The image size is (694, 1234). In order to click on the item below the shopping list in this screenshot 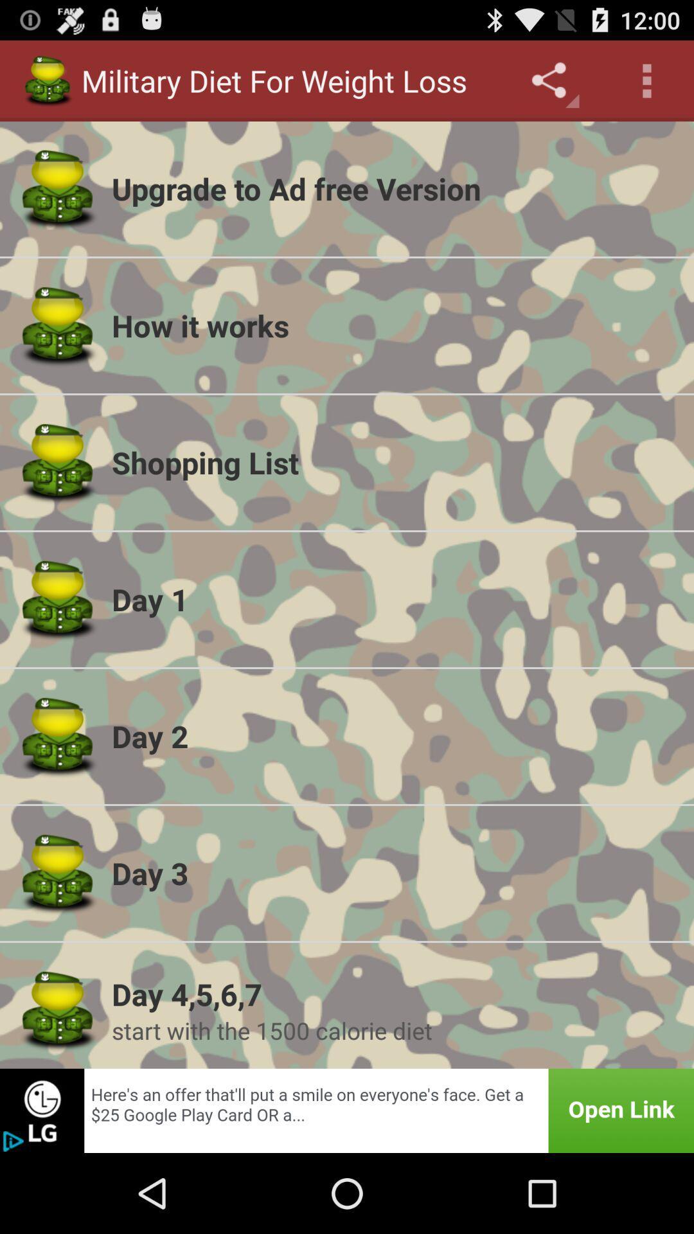, I will do `click(394, 598)`.